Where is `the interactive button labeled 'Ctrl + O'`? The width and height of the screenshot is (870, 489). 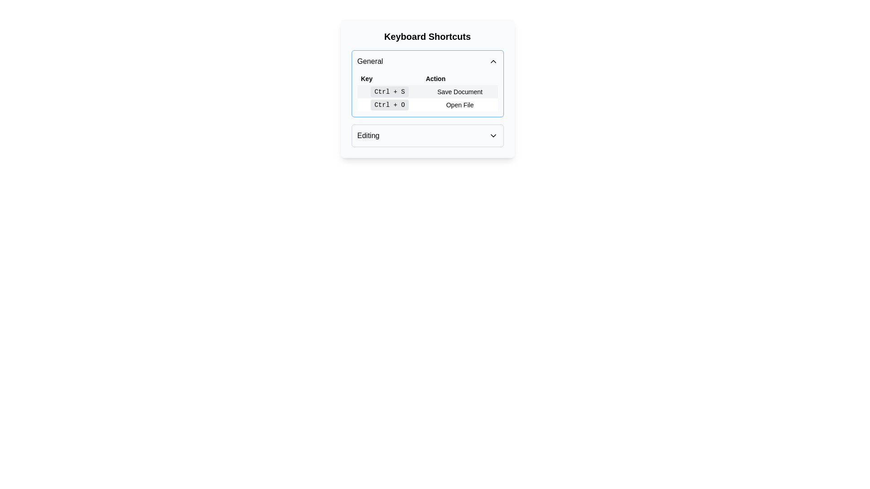
the interactive button labeled 'Ctrl + O' is located at coordinates (390, 104).